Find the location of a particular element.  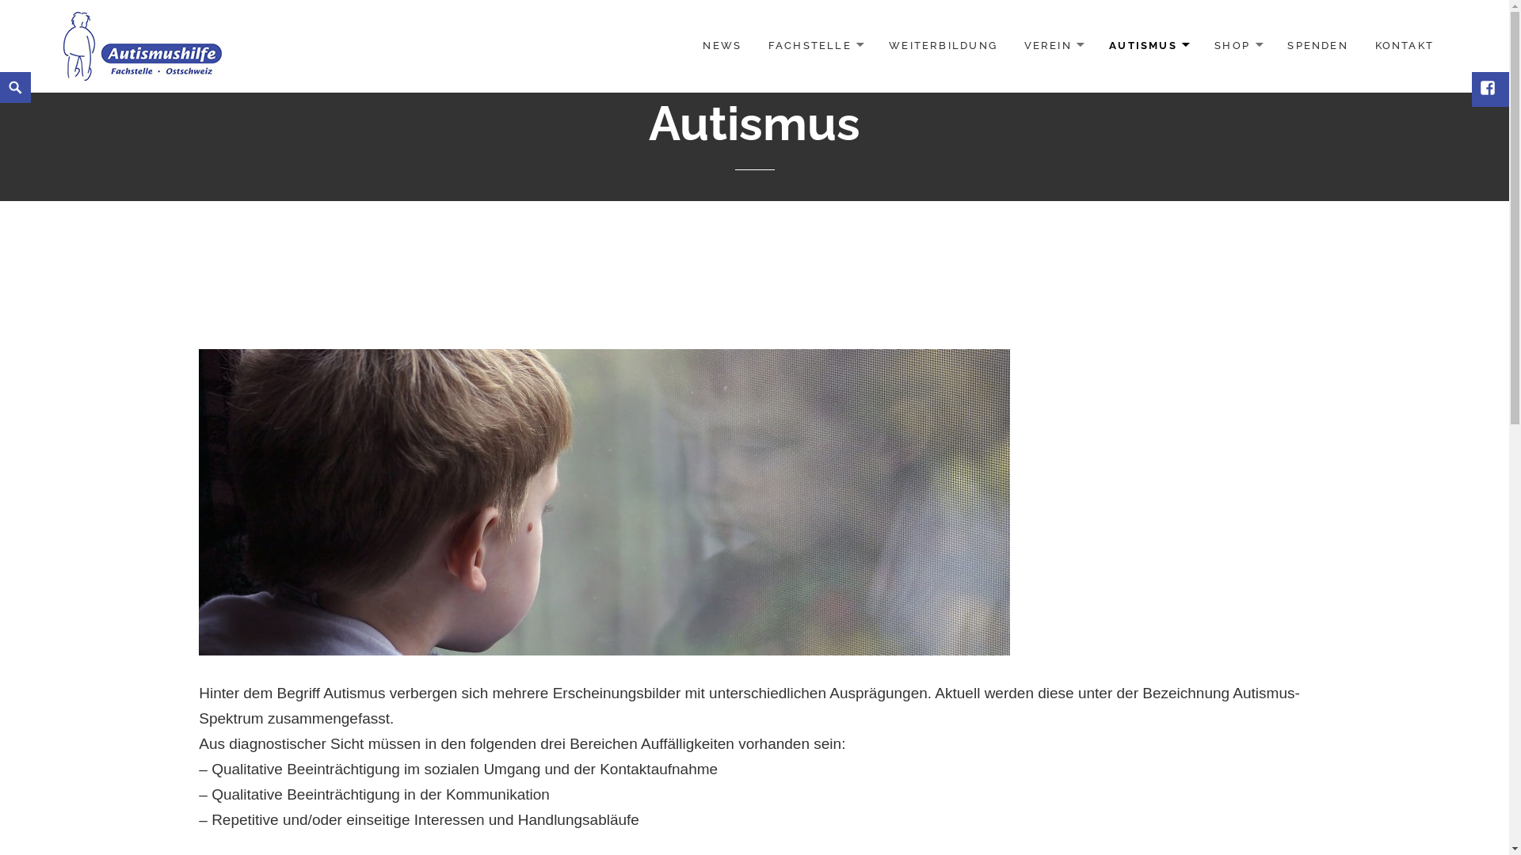

'WEITERBILDUNG' is located at coordinates (943, 44).